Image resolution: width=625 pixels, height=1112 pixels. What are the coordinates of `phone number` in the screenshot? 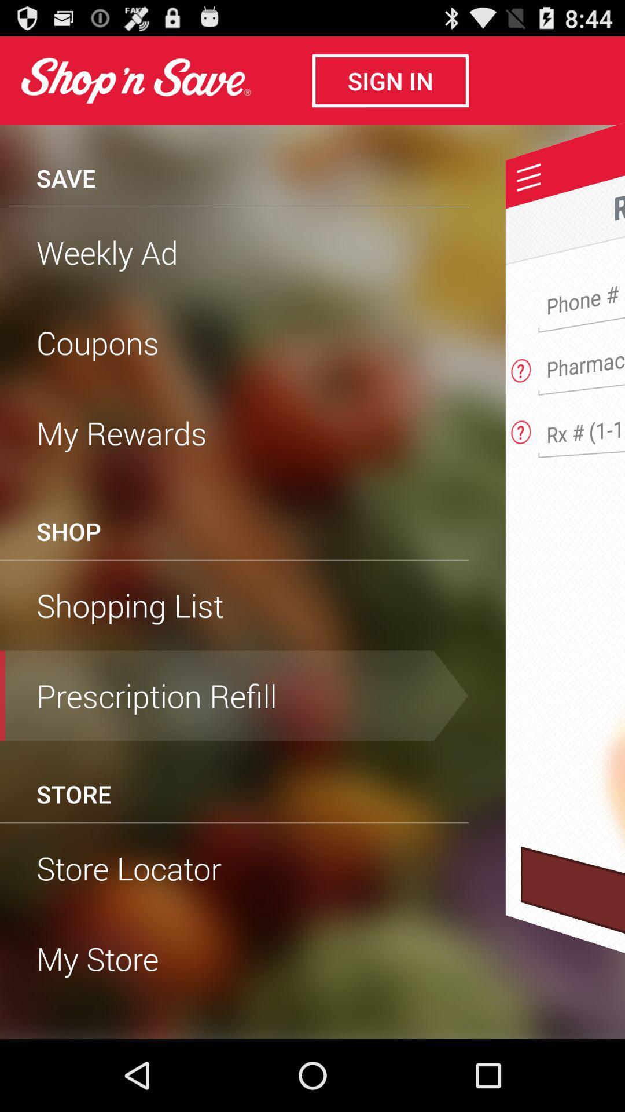 It's located at (586, 269).